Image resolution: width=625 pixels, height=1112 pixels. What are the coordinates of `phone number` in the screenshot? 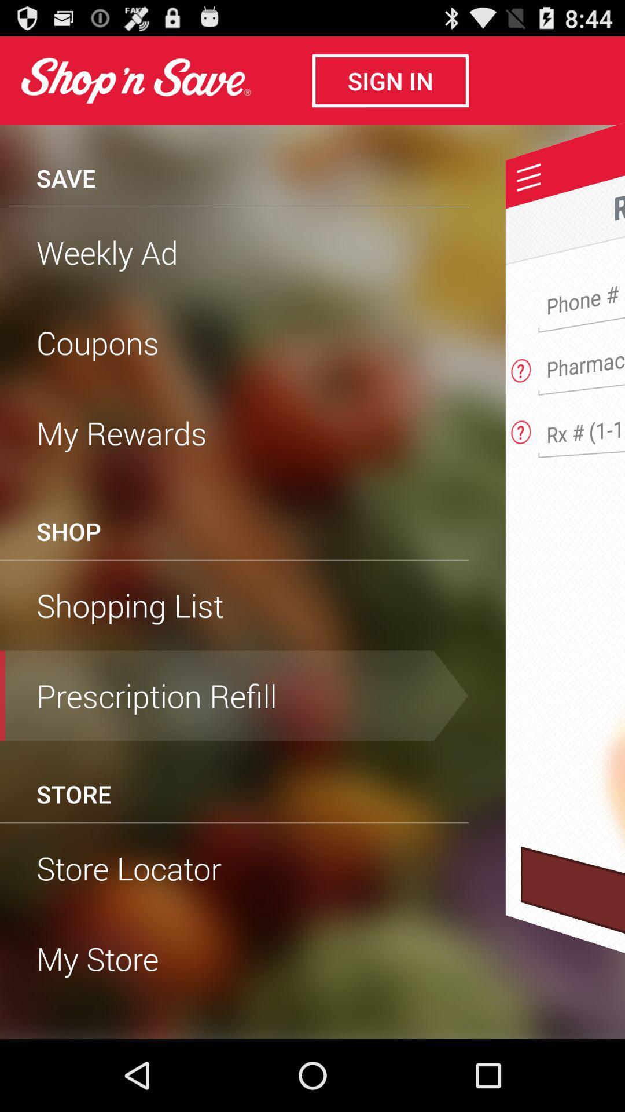 It's located at (586, 269).